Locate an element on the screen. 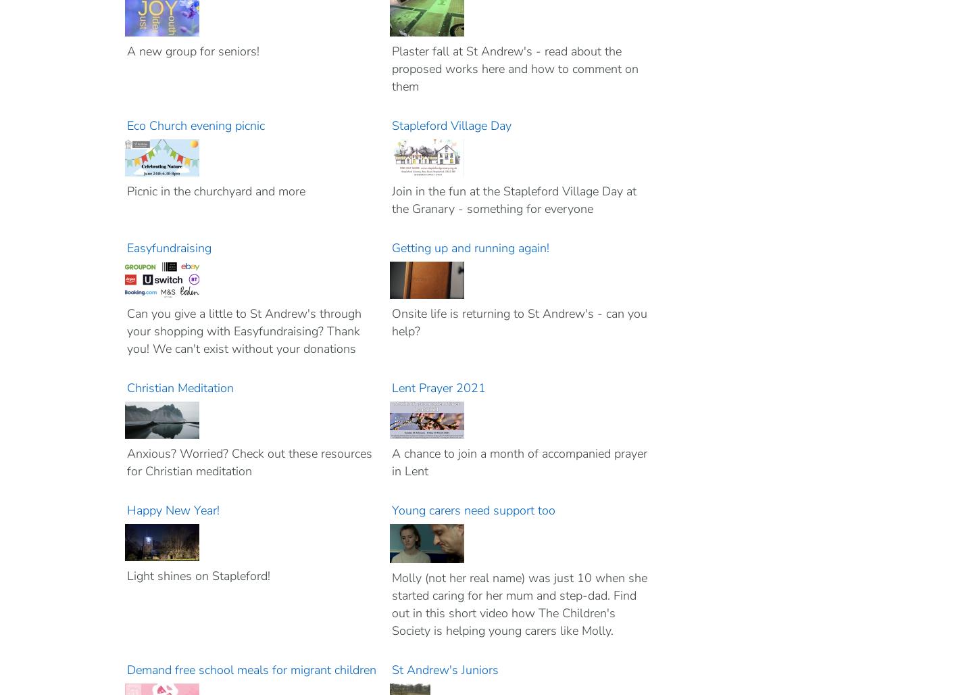 The image size is (973, 695). 'St Andrew's Juniors' is located at coordinates (445, 669).